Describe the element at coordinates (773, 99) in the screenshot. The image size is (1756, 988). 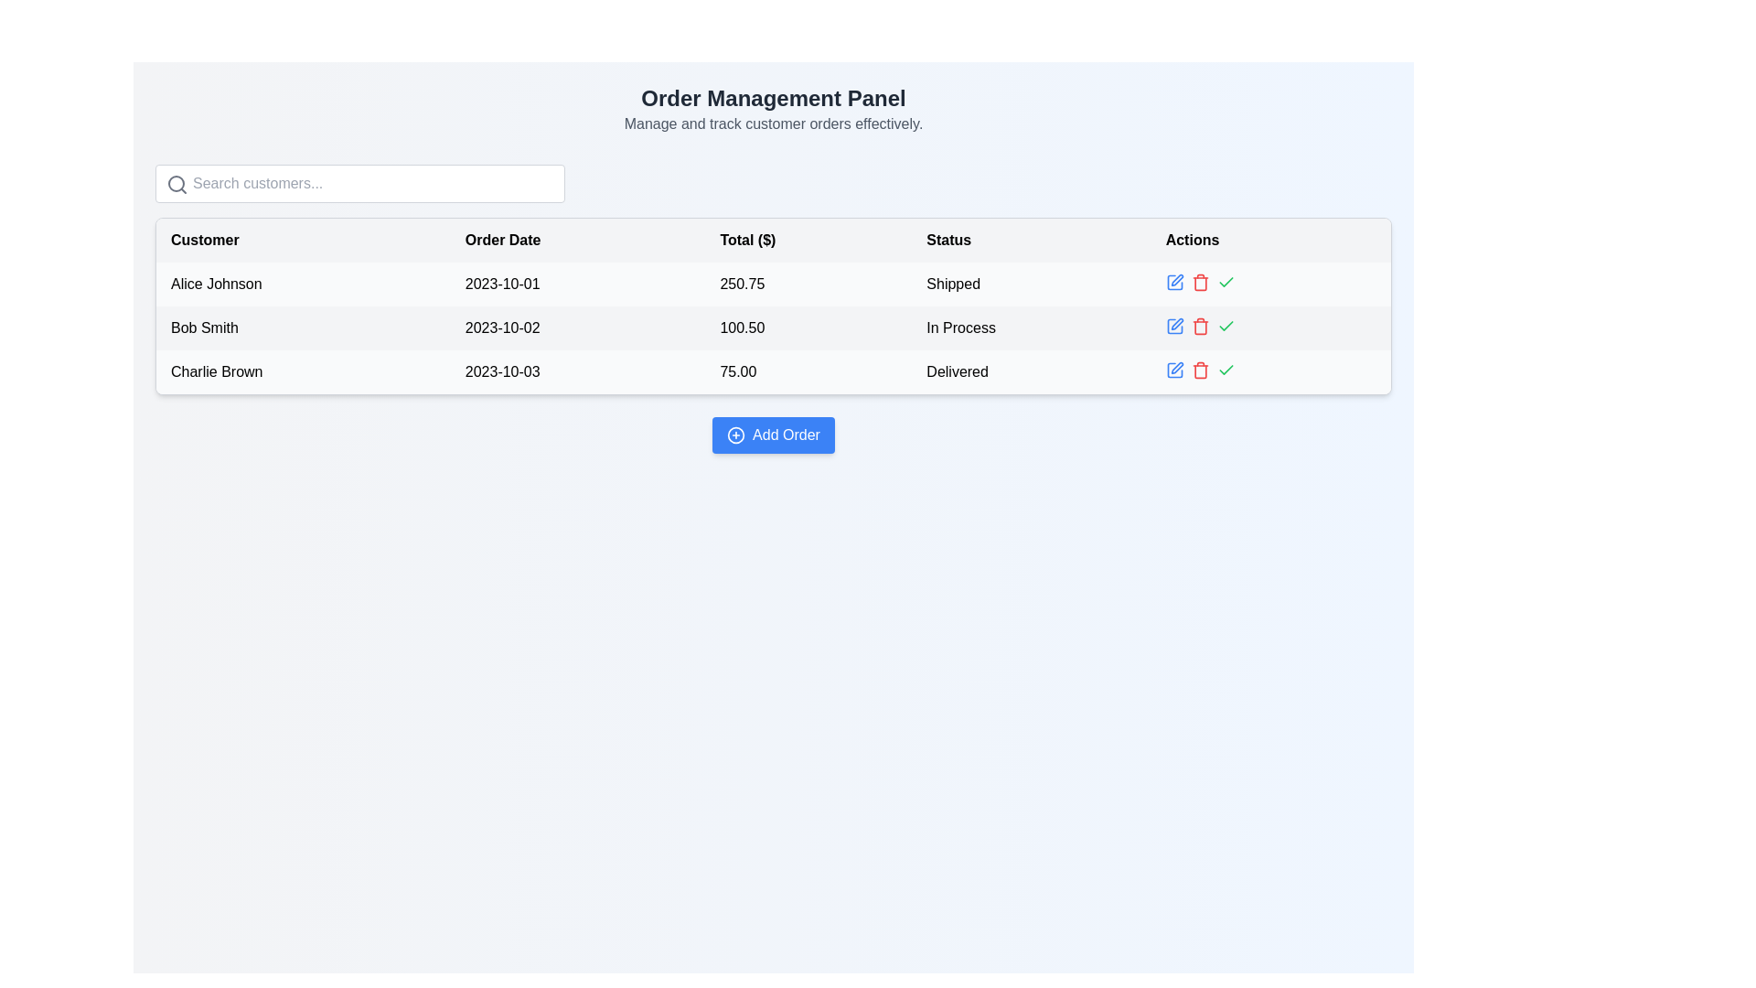
I see `the headline text element displaying 'Order Management Panel', which is styled in a large and bold font, located at the top center of the interface` at that location.